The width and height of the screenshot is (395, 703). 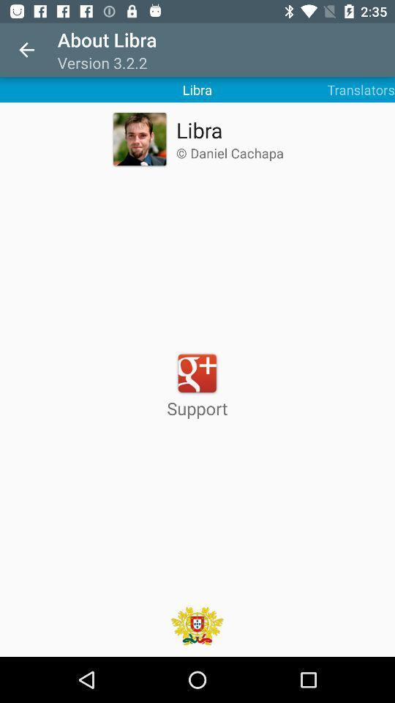 I want to click on the icon below the support icon, so click(x=197, y=625).